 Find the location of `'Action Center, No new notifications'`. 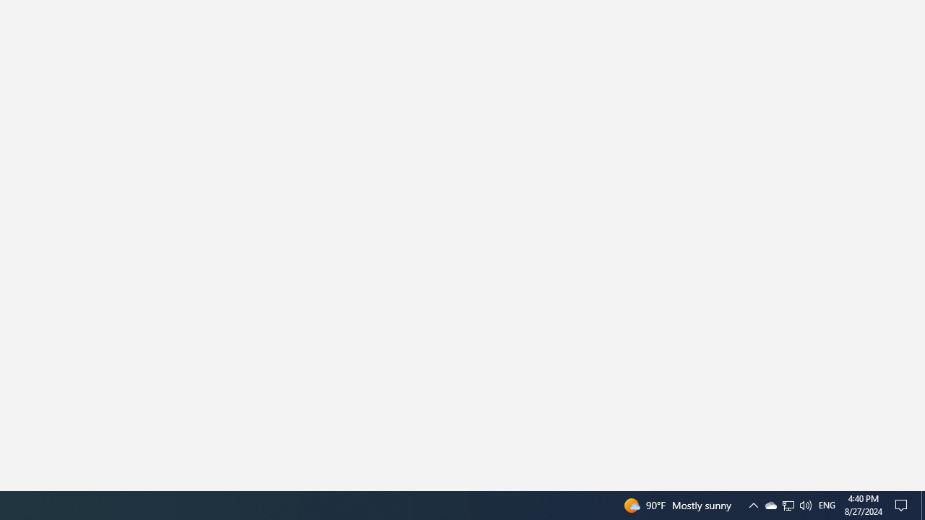

'Action Center, No new notifications' is located at coordinates (903, 504).